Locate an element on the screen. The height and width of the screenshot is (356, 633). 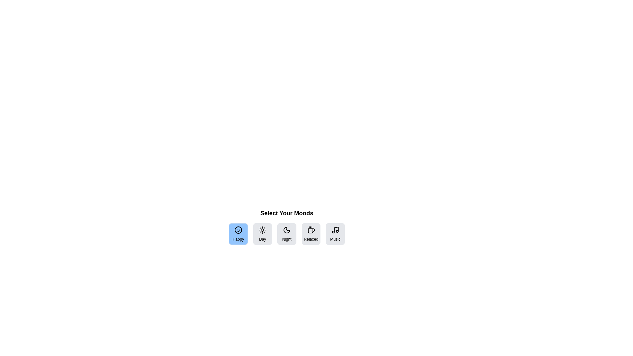
the 'Happy' text label, which is styled in a small font and located below a smiley face icon in a light blue rounded rectangular section is located at coordinates (238, 239).